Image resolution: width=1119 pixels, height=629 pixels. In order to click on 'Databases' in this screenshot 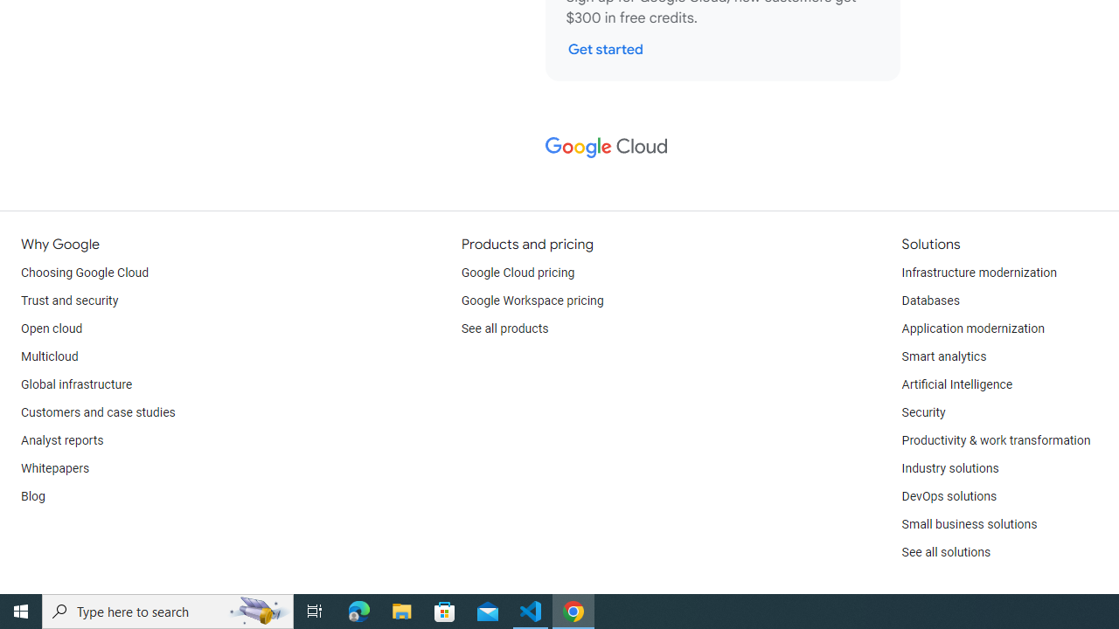, I will do `click(929, 300)`.